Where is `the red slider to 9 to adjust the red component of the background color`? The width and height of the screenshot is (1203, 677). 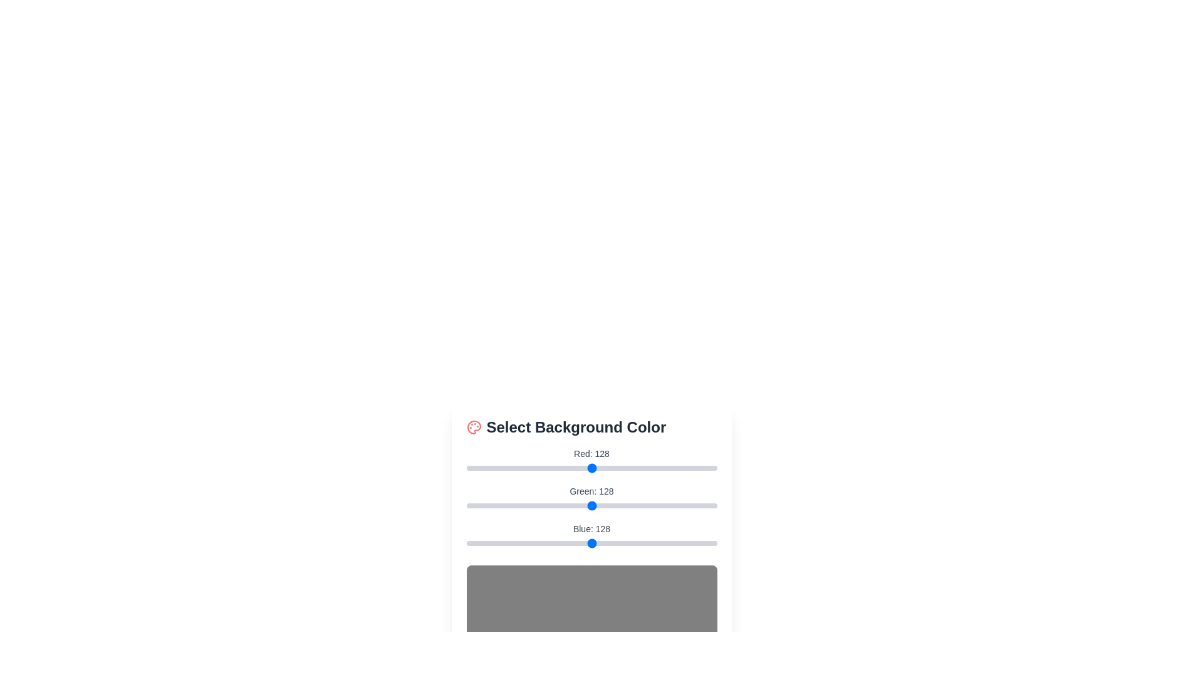
the red slider to 9 to adjust the red component of the background color is located at coordinates (474, 468).